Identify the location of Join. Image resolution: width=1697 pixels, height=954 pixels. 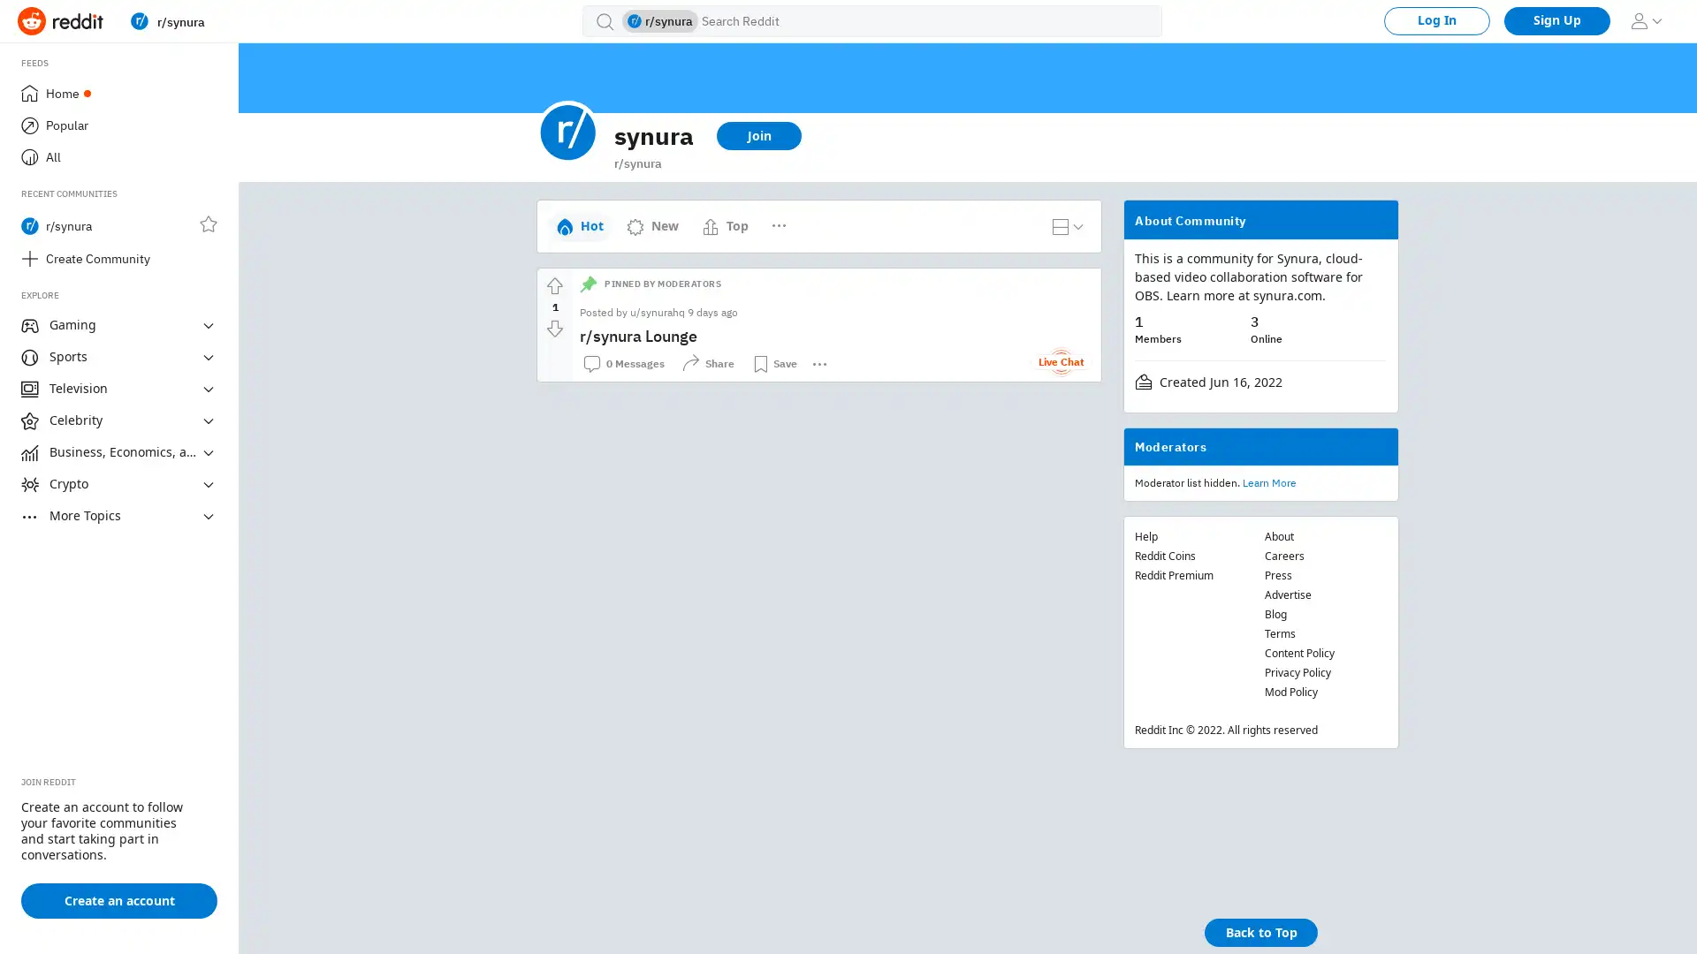
(759, 135).